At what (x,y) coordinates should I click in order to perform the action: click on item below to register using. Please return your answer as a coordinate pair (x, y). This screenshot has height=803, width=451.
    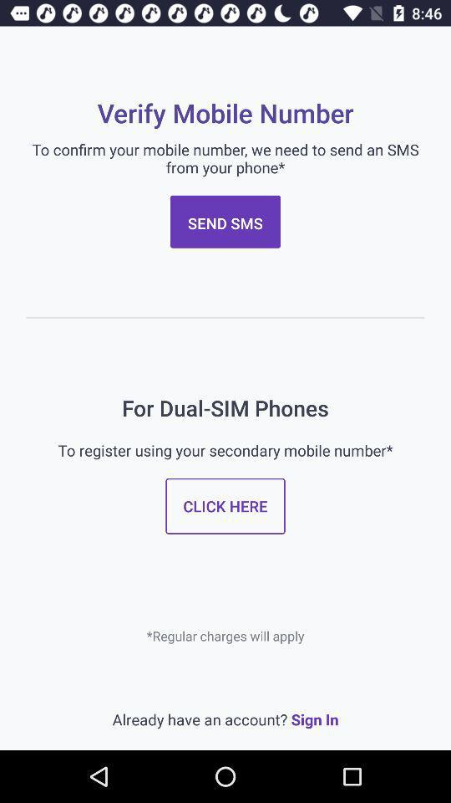
    Looking at the image, I should click on (225, 505).